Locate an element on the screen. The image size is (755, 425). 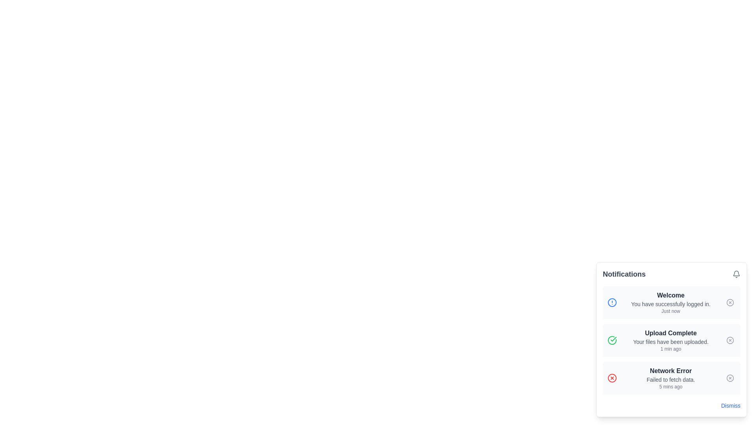
the dismiss button for the 'Network Error' notification to observe the hover effect is located at coordinates (730, 377).